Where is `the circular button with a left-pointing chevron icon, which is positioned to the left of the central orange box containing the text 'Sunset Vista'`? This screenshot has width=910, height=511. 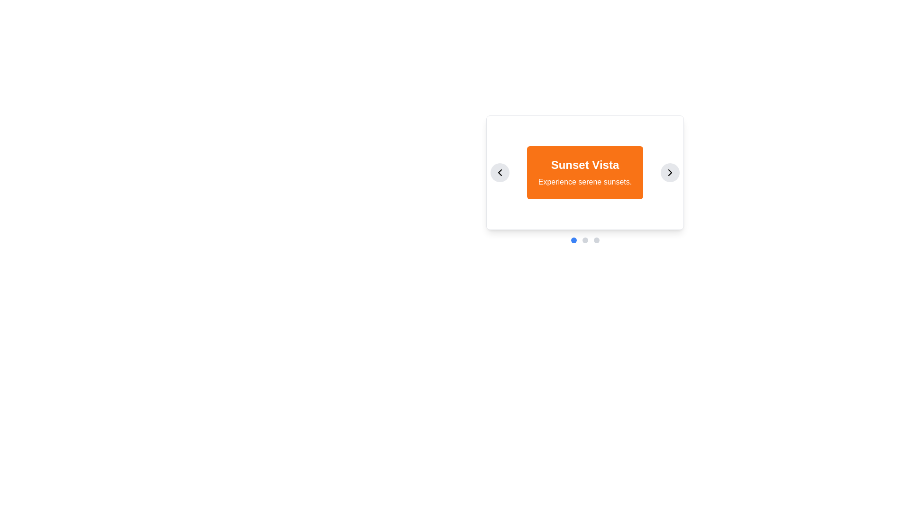
the circular button with a left-pointing chevron icon, which is positioned to the left of the central orange box containing the text 'Sunset Vista' is located at coordinates (500, 173).